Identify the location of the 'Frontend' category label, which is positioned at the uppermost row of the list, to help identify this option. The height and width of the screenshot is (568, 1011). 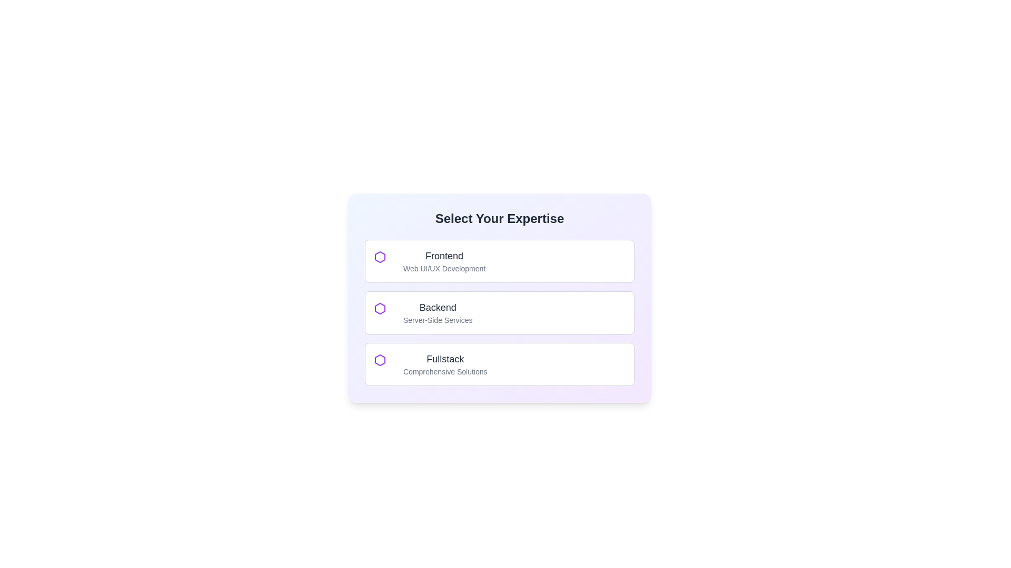
(444, 256).